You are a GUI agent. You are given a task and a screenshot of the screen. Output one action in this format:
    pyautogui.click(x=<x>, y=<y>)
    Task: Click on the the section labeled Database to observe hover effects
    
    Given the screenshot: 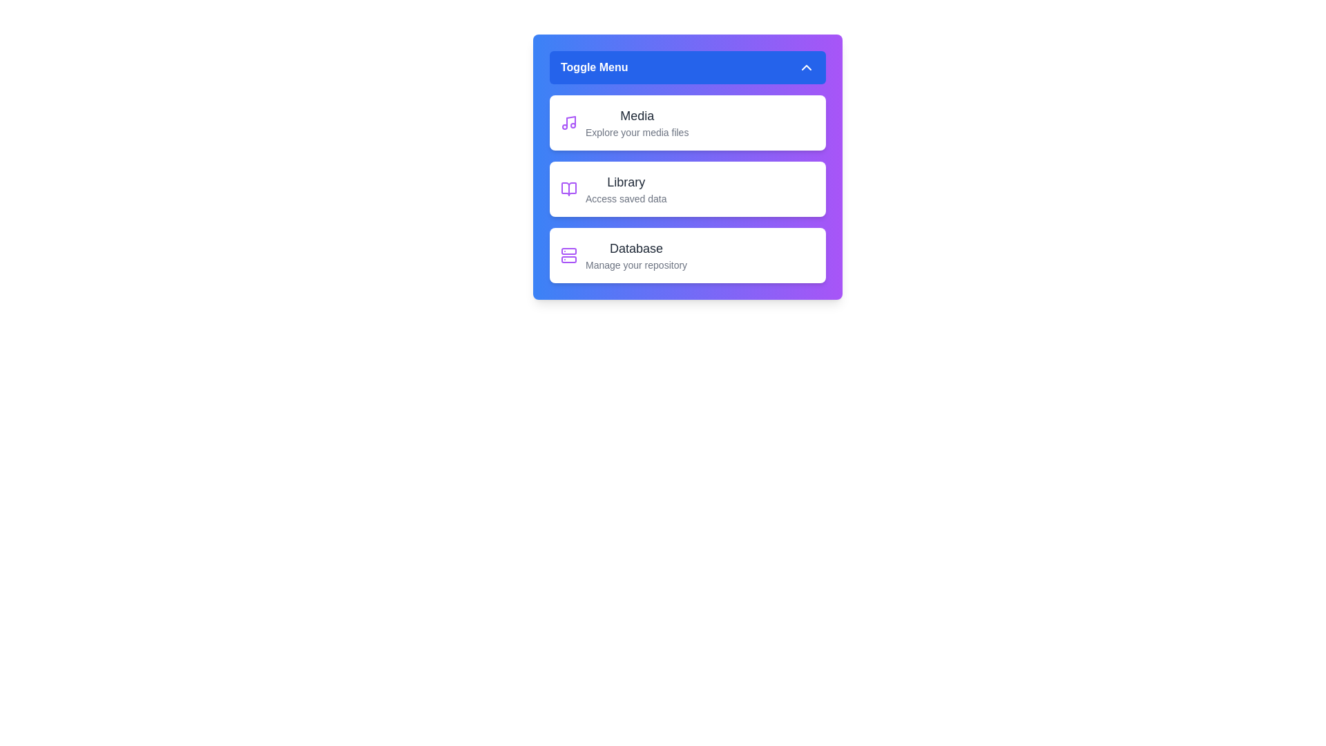 What is the action you would take?
    pyautogui.click(x=688, y=256)
    